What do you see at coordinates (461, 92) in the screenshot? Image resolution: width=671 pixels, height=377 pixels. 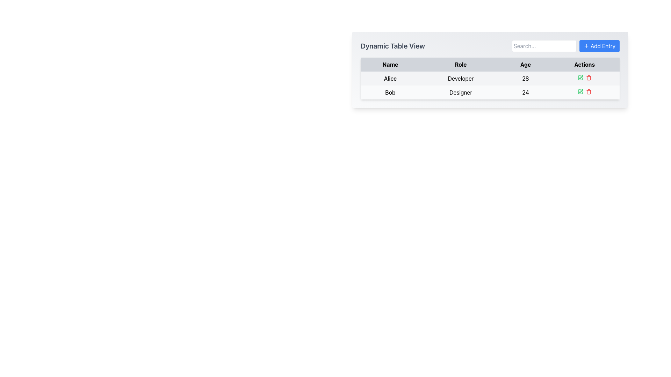 I see `static text element displaying the word 'Designer' located in the 'Role' column of the table row associated with 'Bob'` at bounding box center [461, 92].